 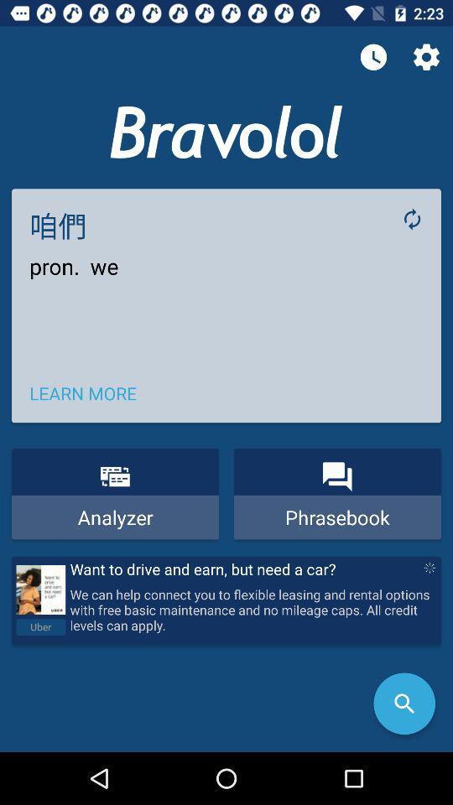 What do you see at coordinates (404, 704) in the screenshot?
I see `search` at bounding box center [404, 704].